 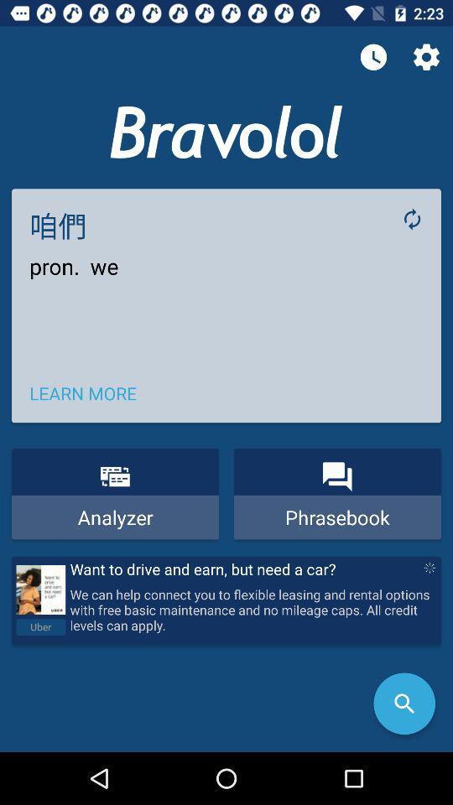 What do you see at coordinates (404, 704) in the screenshot?
I see `search` at bounding box center [404, 704].